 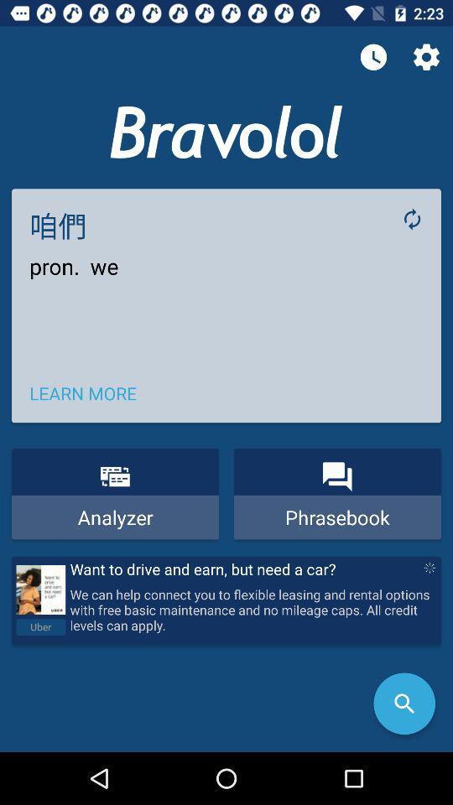 What do you see at coordinates (404, 704) in the screenshot?
I see `search` at bounding box center [404, 704].